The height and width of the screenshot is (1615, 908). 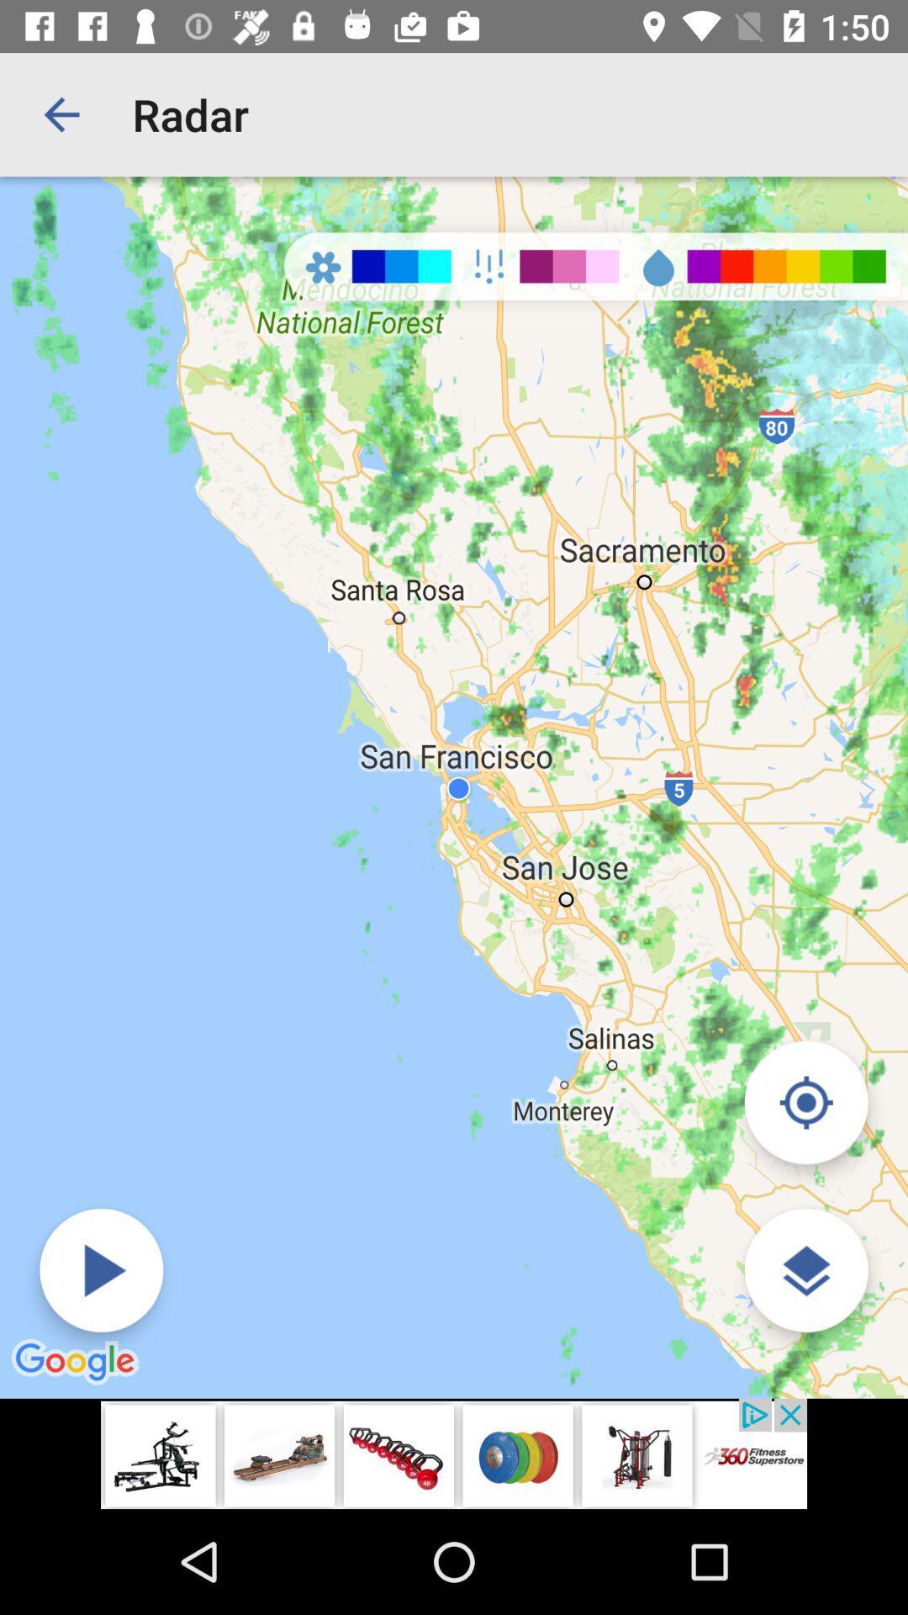 What do you see at coordinates (101, 1270) in the screenshot?
I see `switch` at bounding box center [101, 1270].